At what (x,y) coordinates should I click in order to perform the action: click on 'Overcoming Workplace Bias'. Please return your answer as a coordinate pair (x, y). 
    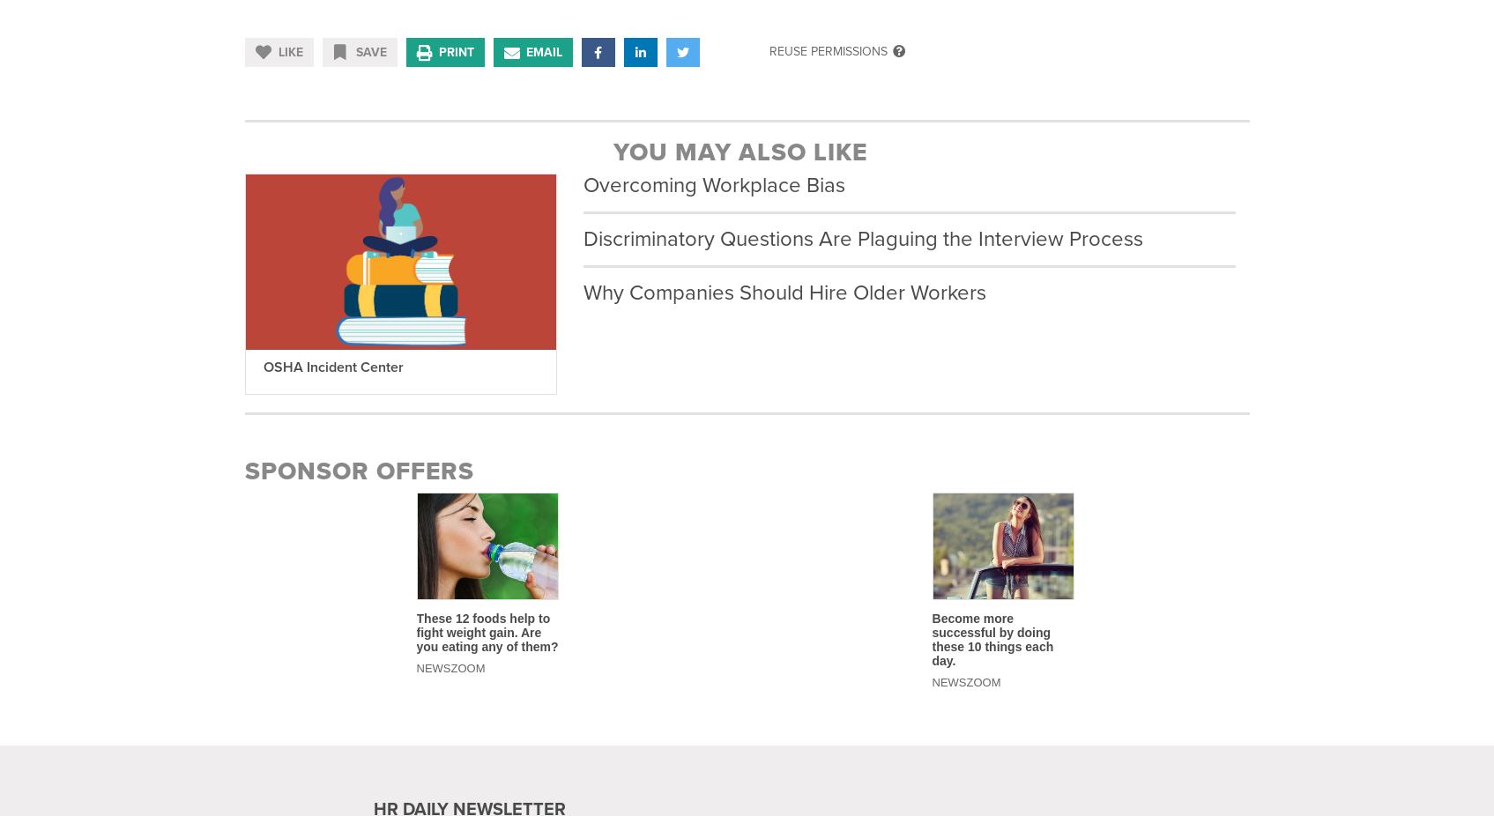
    Looking at the image, I should click on (714, 184).